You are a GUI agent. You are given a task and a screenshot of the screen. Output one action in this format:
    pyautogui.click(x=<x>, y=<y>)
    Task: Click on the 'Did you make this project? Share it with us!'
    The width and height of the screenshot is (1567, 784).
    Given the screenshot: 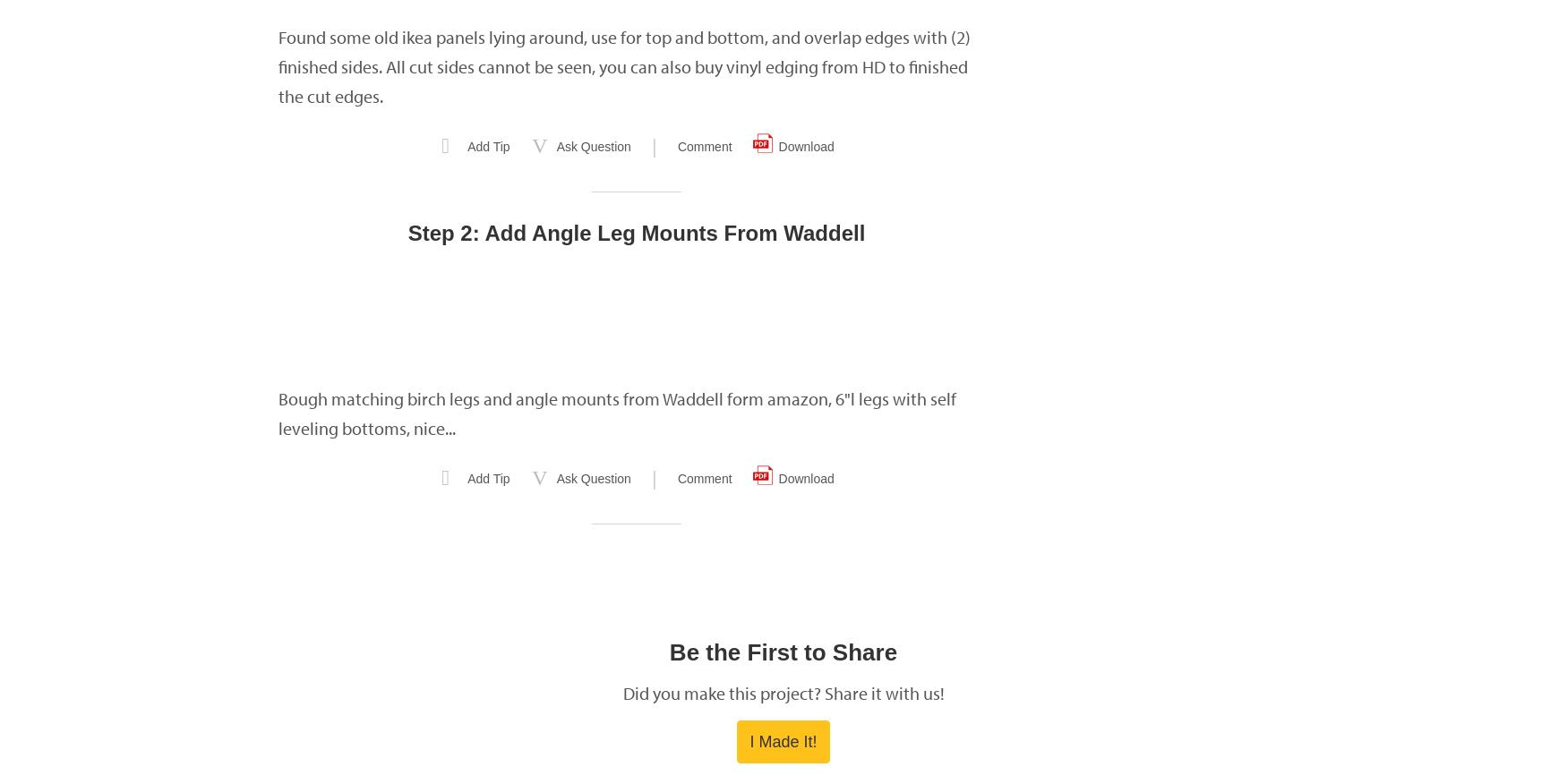 What is the action you would take?
    pyautogui.click(x=783, y=692)
    